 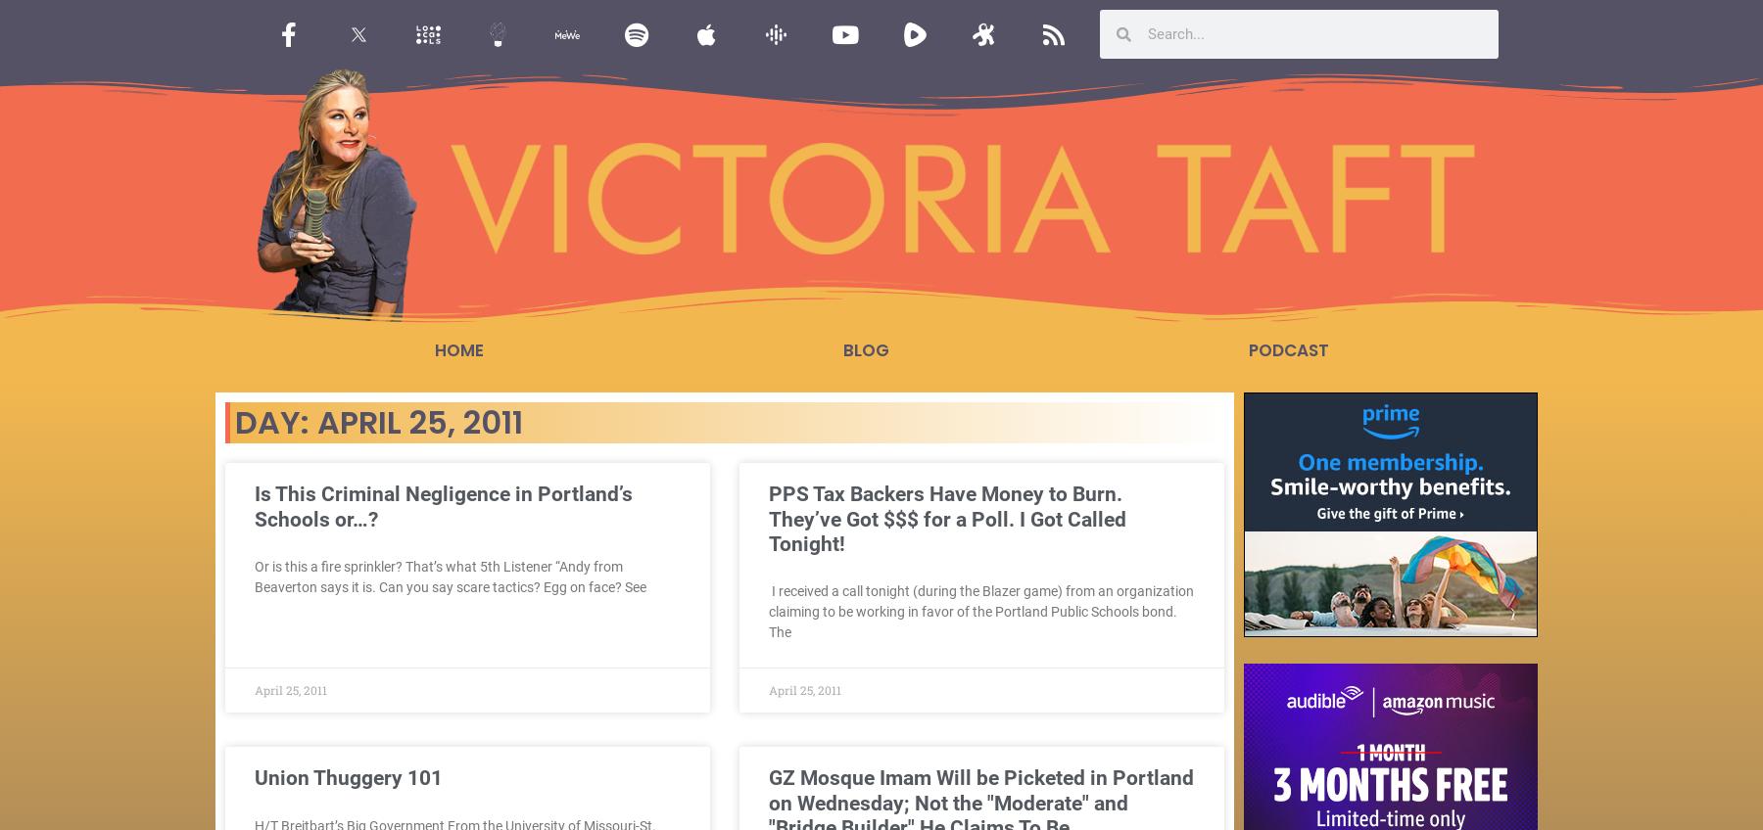 What do you see at coordinates (865, 349) in the screenshot?
I see `'Blog'` at bounding box center [865, 349].